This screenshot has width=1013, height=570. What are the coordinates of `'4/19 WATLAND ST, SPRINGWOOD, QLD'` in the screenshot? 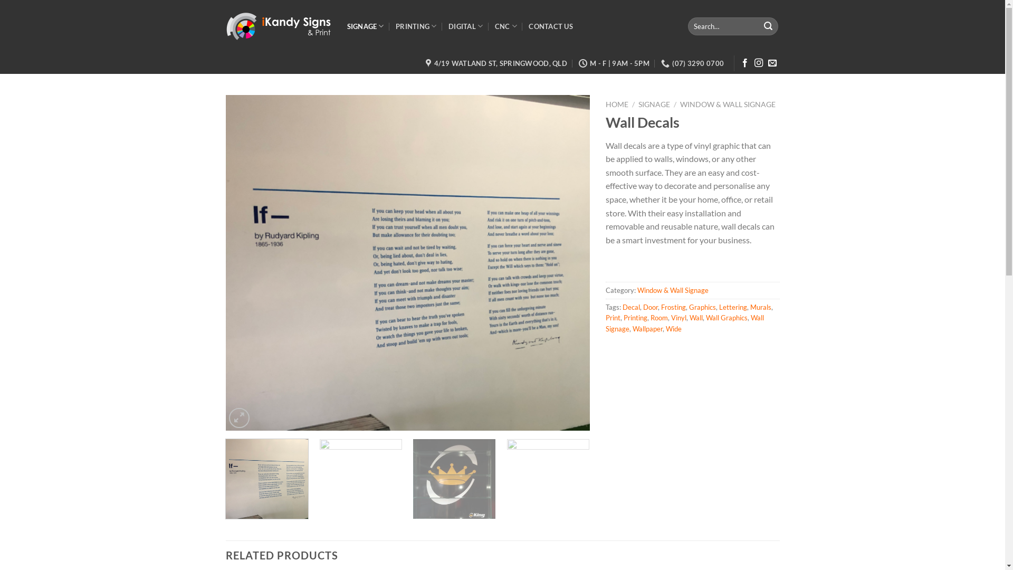 It's located at (495, 63).